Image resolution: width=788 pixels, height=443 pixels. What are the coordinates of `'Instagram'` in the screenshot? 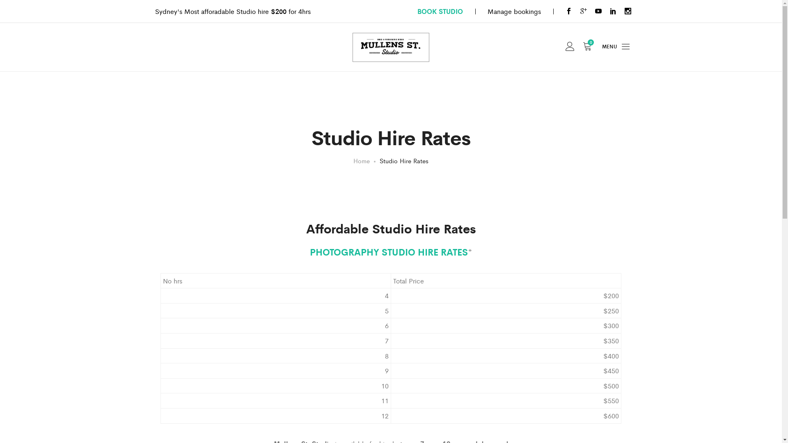 It's located at (628, 11).